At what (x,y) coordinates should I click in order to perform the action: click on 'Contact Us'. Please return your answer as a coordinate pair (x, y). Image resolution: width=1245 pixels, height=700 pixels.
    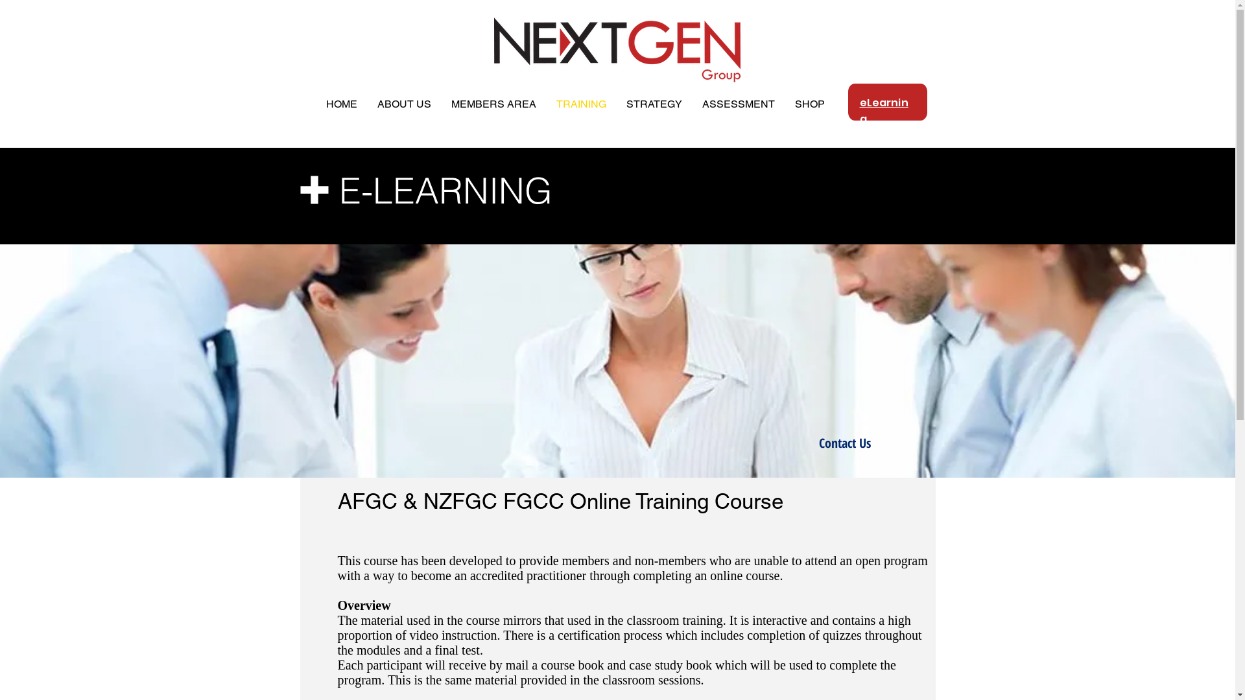
    Looking at the image, I should click on (844, 442).